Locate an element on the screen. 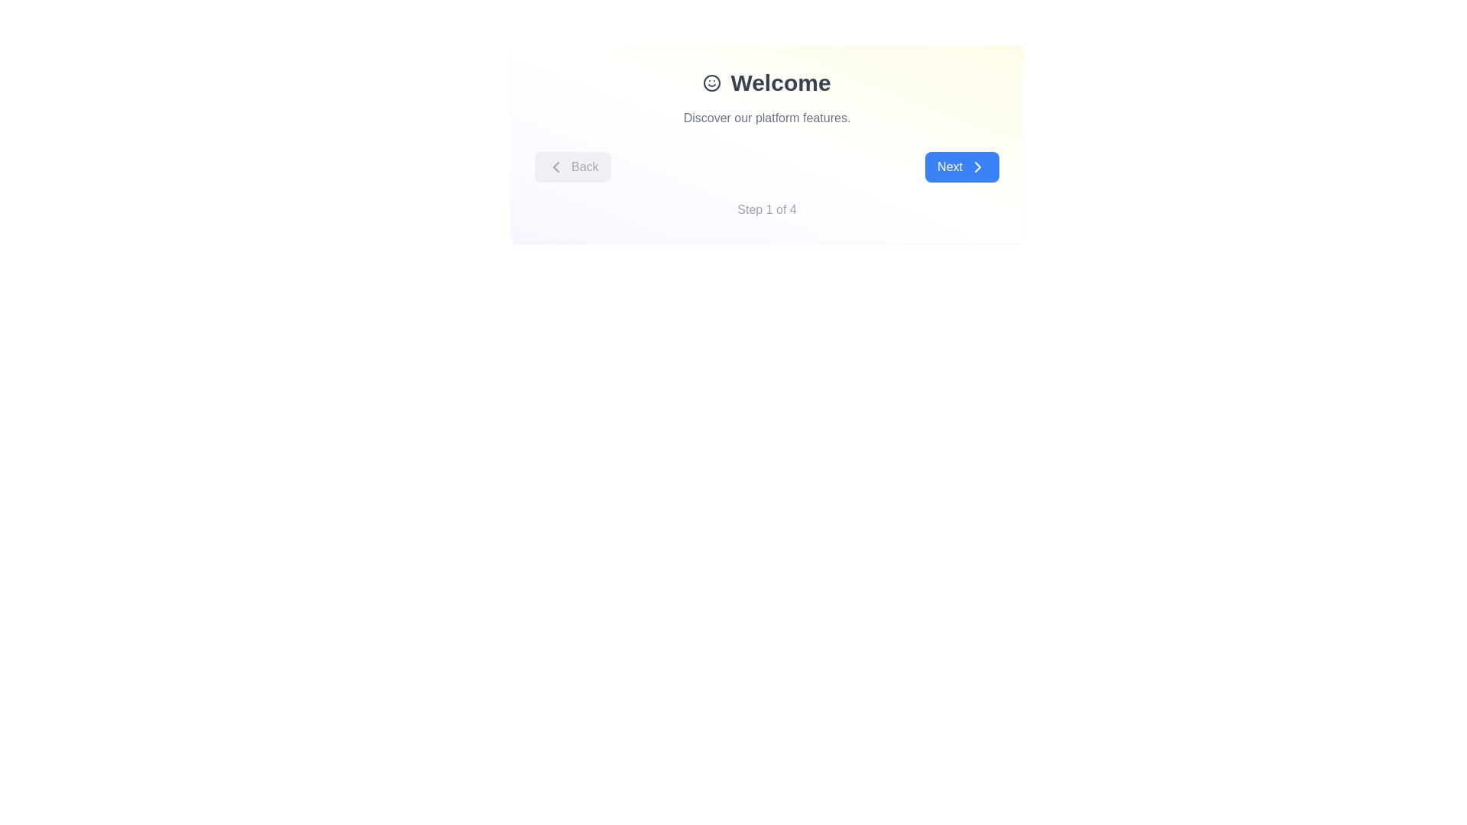 The height and width of the screenshot is (825, 1467). the introductory text element located below the 'Welcome' text and smiley icon, which summarizes or invites users is located at coordinates (766, 117).